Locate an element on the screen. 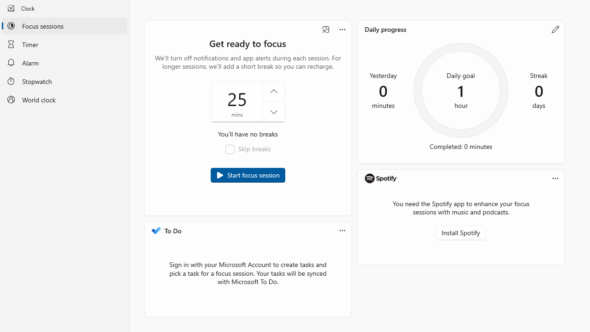 This screenshot has height=332, width=590. 'Skip breaks' is located at coordinates (248, 149).